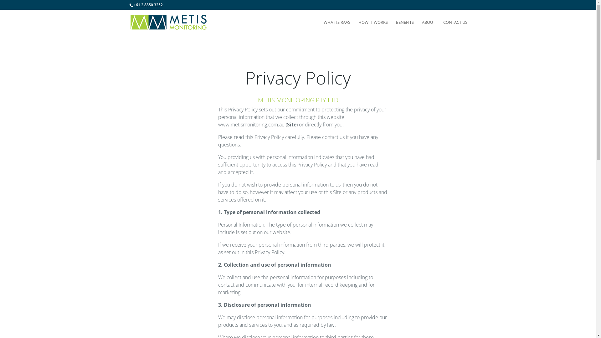 This screenshot has width=601, height=338. Describe the element at coordinates (323, 27) in the screenshot. I see `'WHAT IS RAAS'` at that location.